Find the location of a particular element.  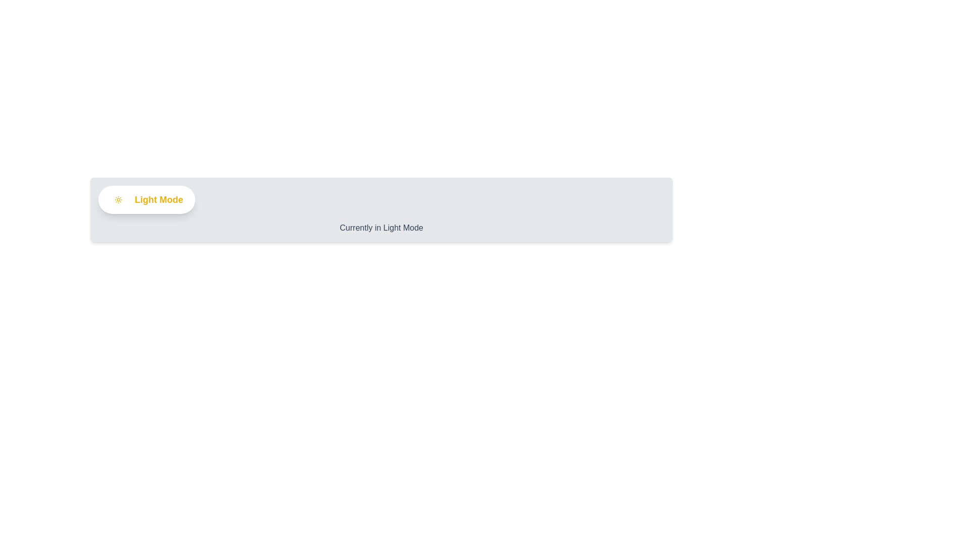

the 'ThemeToggleButton' to toggle the theme is located at coordinates (145, 200).